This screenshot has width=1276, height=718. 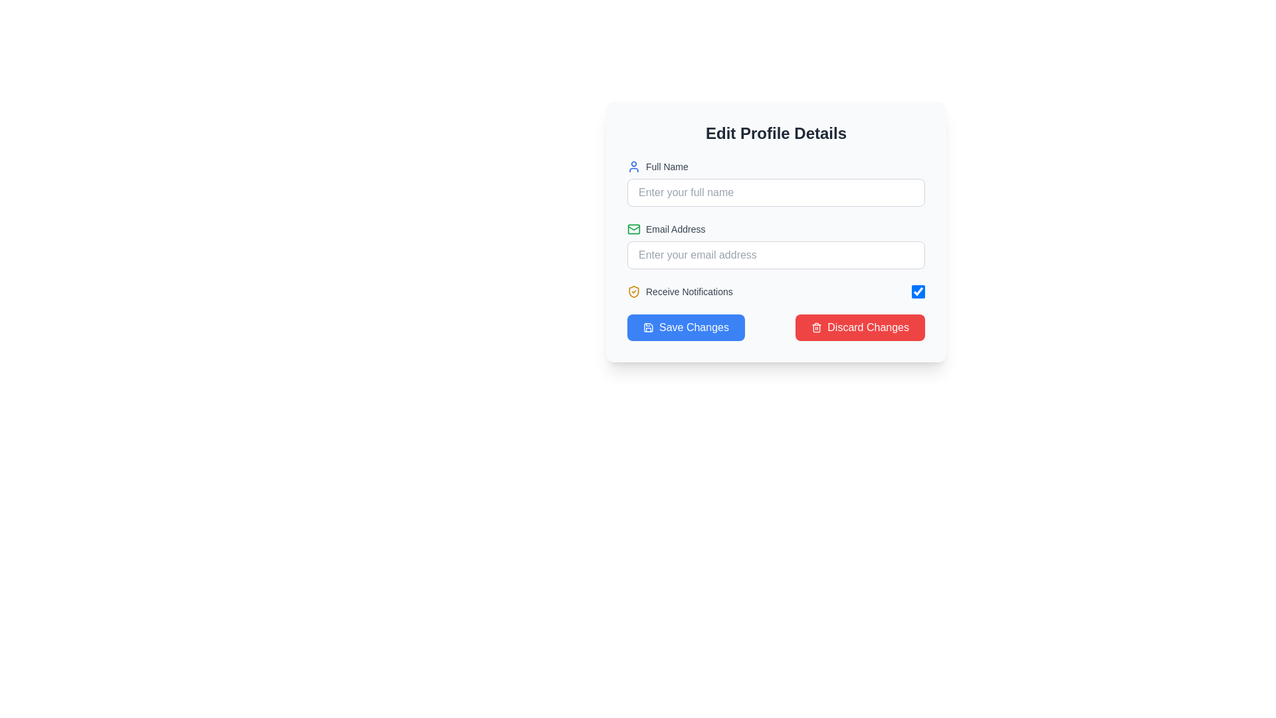 I want to click on the rectangular button with a blue background and white text reading 'Save Changes', which has a floppy disk icon on the left, so click(x=686, y=328).